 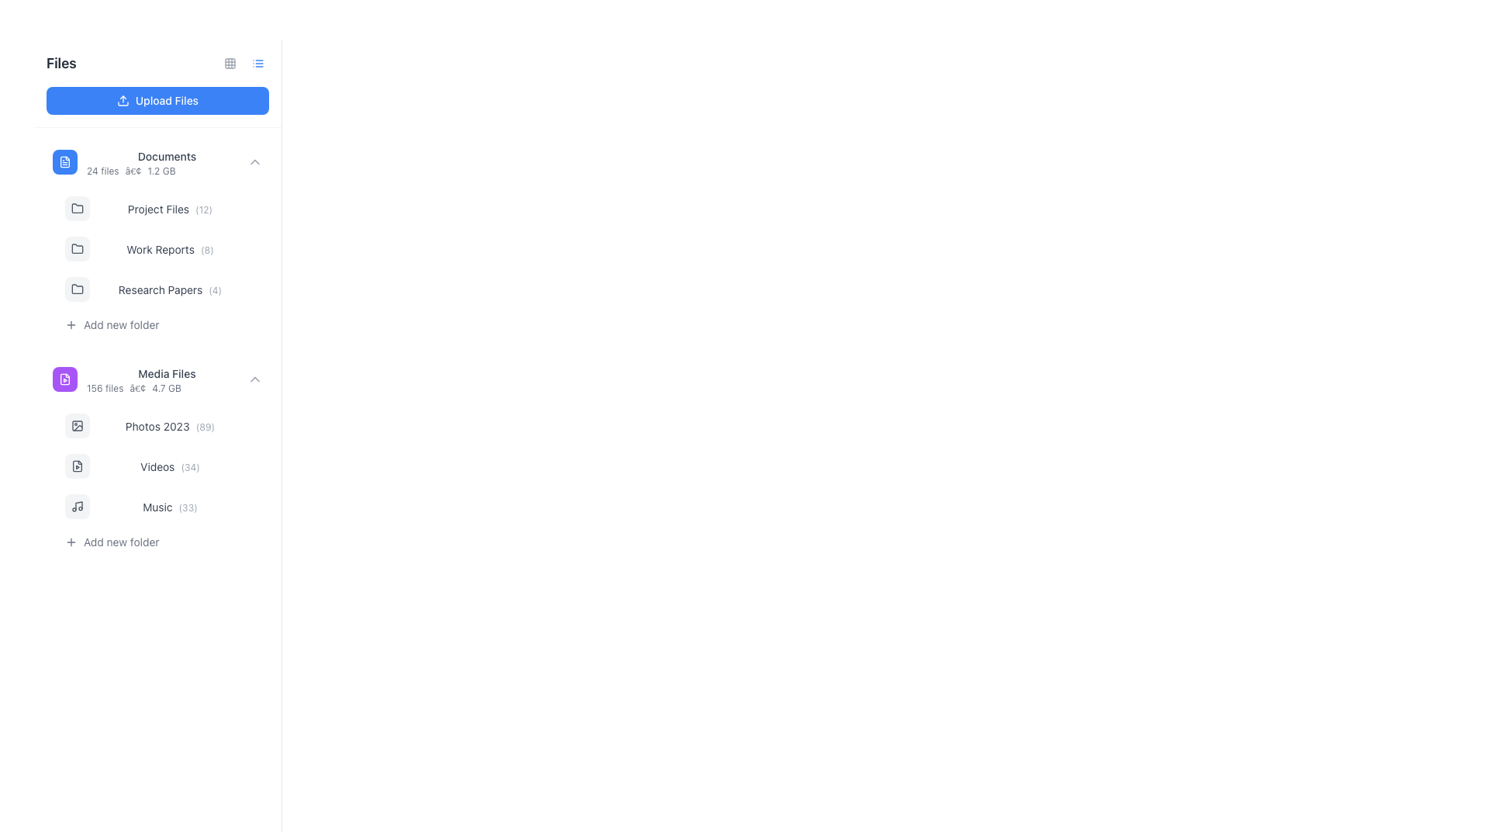 What do you see at coordinates (206, 249) in the screenshot?
I see `the static text label that indicates the count of items associated with the 'Work Reports' folder to possibly trigger a tooltip` at bounding box center [206, 249].